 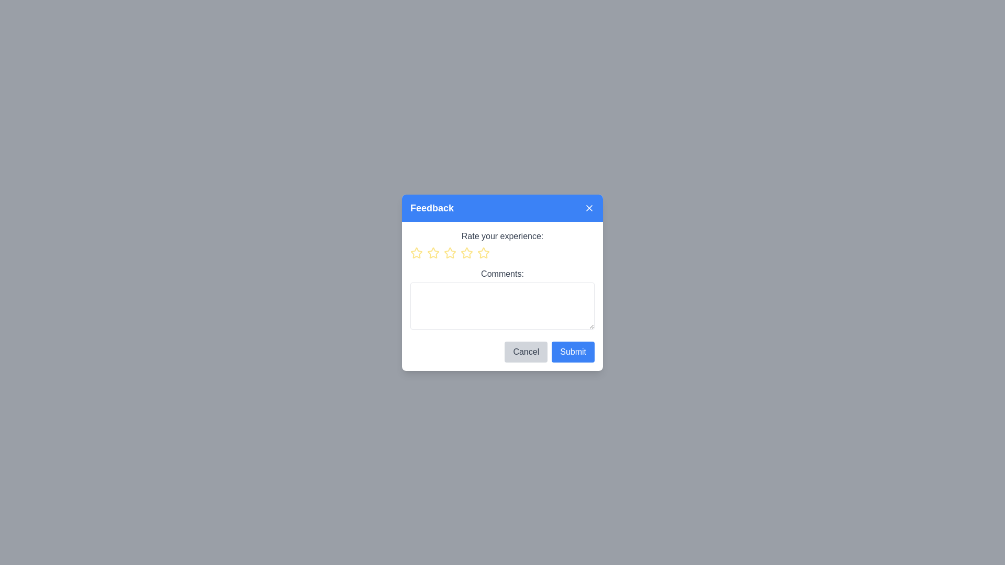 I want to click on the 'Cancel' button, so click(x=526, y=352).